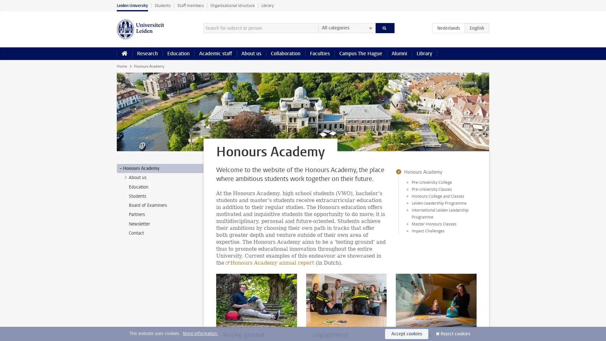 The image size is (606, 341). What do you see at coordinates (384, 27) in the screenshot?
I see `Search` at bounding box center [384, 27].